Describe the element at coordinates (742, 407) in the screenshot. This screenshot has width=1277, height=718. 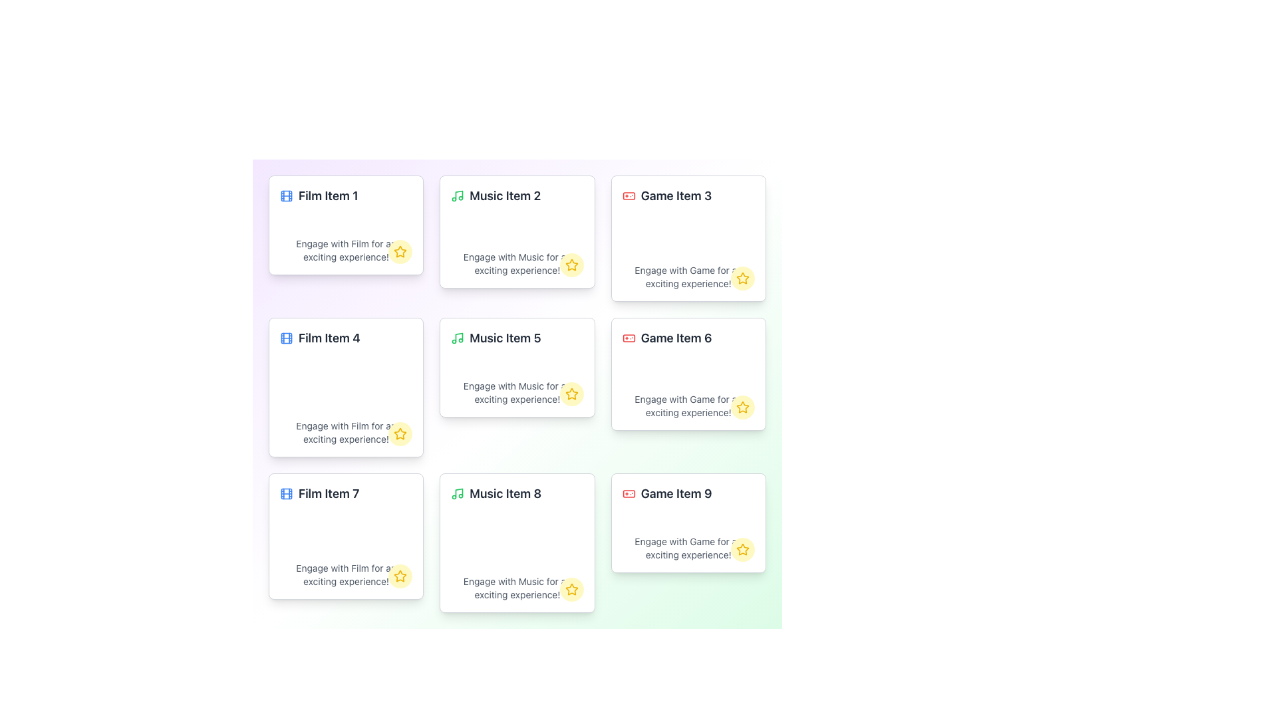
I see `the star-shaped vector icon with a yellow stroke located at the bottom-right corner of the 'Game Item 6' card` at that location.